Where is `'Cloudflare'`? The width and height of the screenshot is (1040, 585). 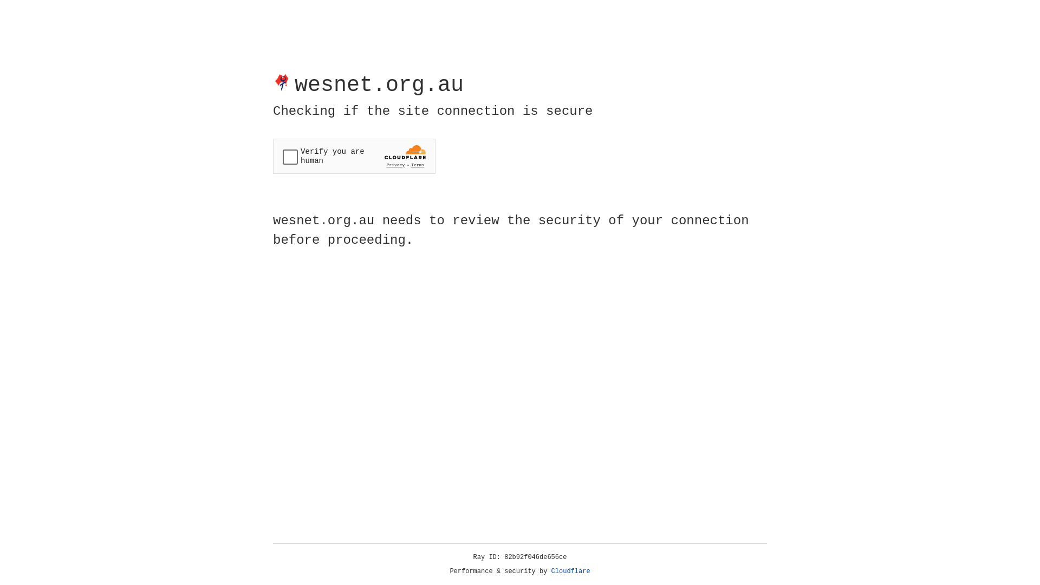 'Cloudflare' is located at coordinates (570, 571).